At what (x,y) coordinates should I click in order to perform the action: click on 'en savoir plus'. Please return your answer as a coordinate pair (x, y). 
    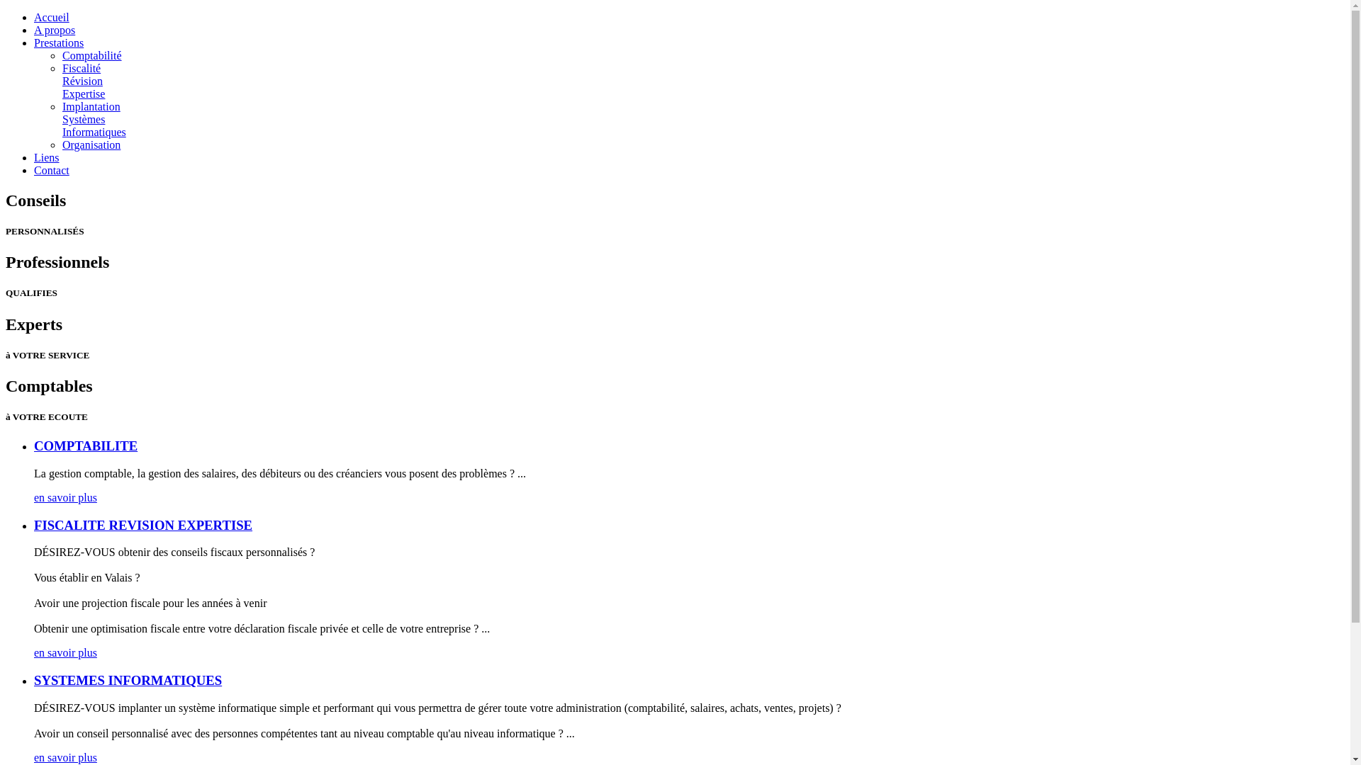
    Looking at the image, I should click on (65, 652).